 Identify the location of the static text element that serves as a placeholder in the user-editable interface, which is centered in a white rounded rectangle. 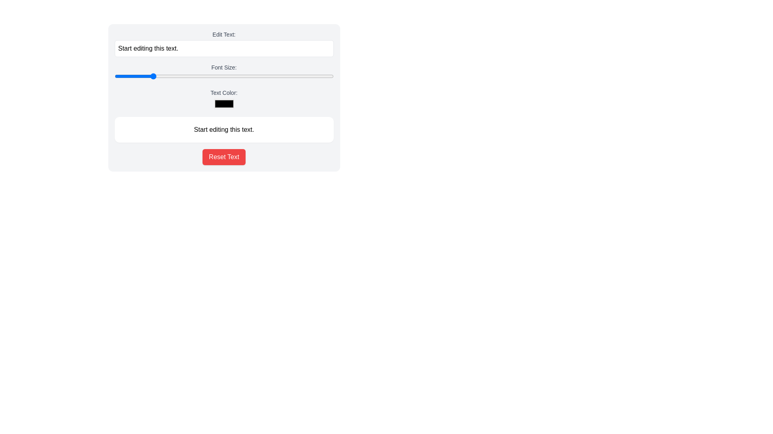
(224, 129).